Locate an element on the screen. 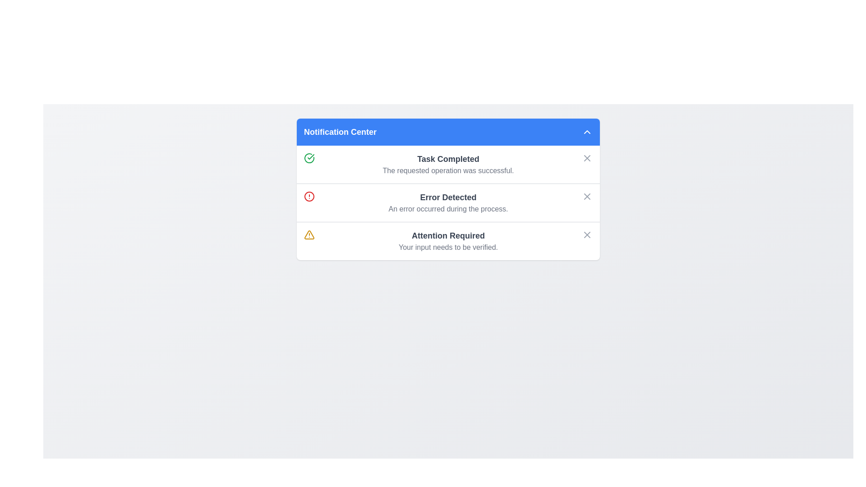 This screenshot has height=487, width=866. error title and description from the Notification card displaying an error message, which includes a title, subtitle, icon, and dismiss button, located in the second row of the Notification Center is located at coordinates (448, 202).